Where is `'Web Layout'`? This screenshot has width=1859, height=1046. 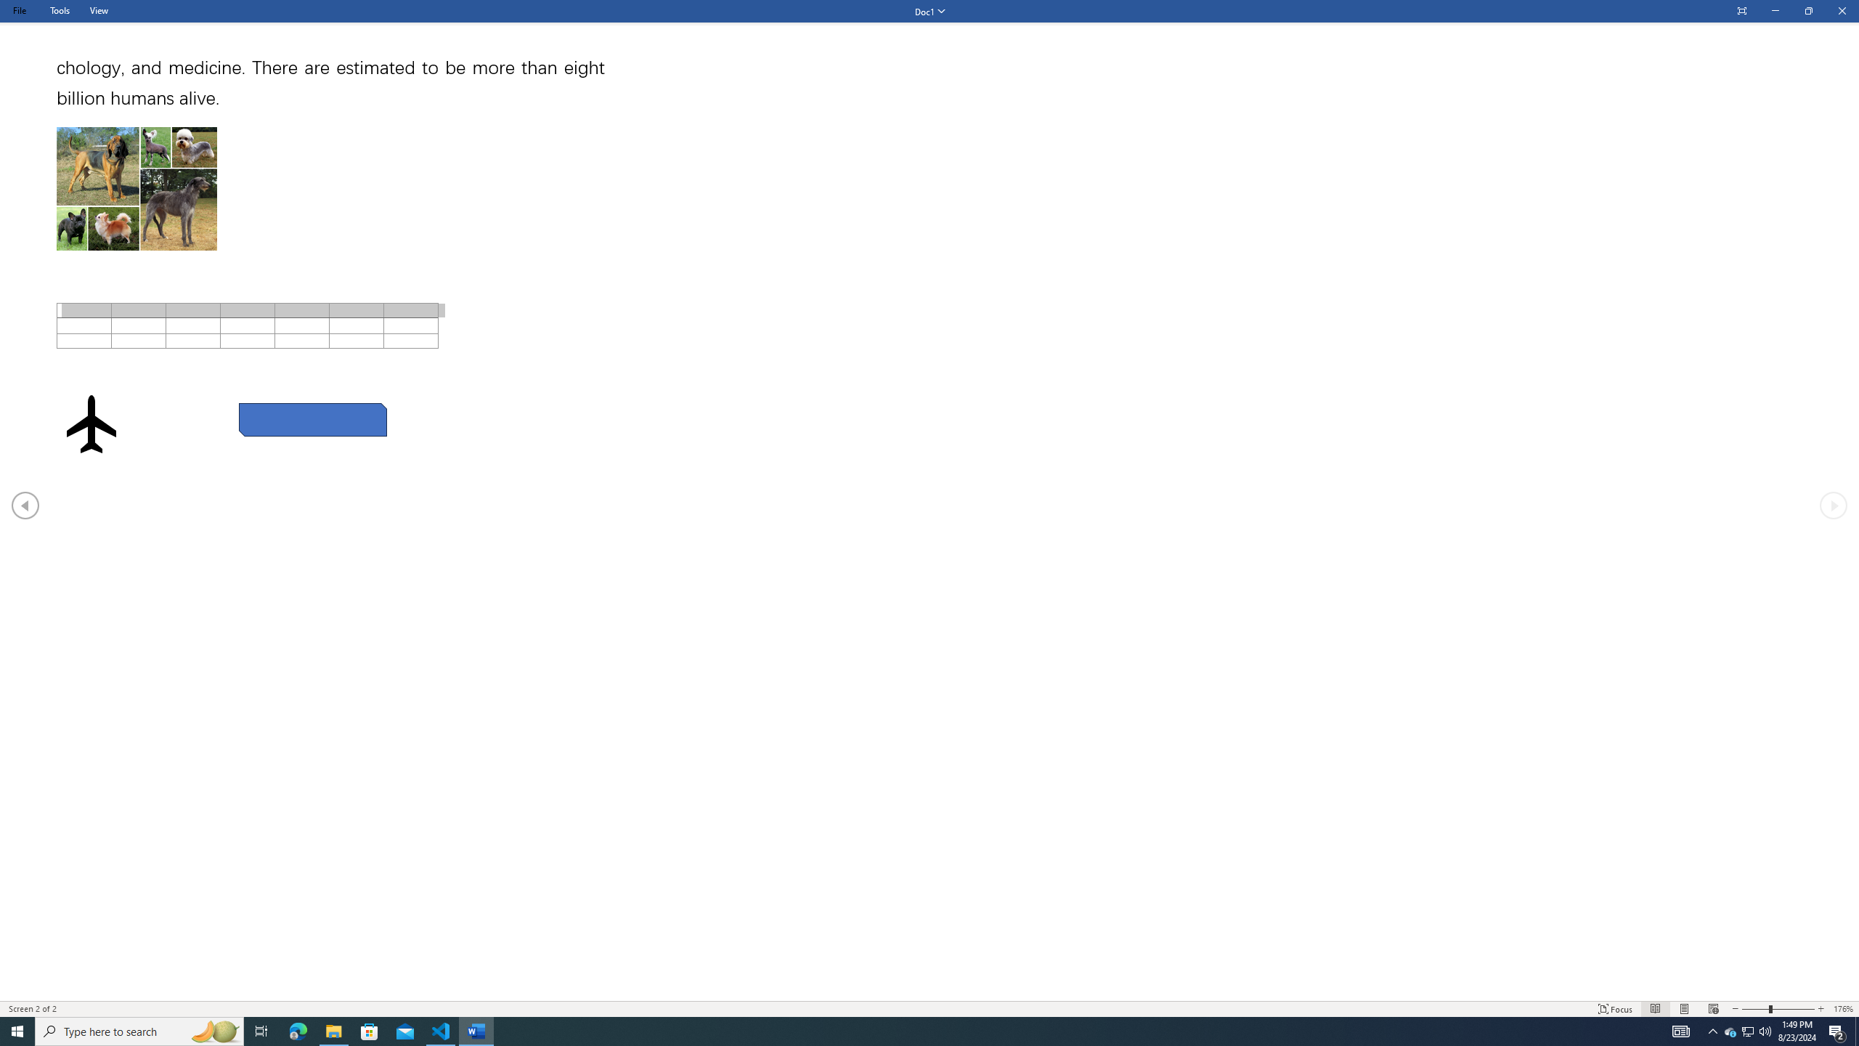 'Web Layout' is located at coordinates (1714, 1009).